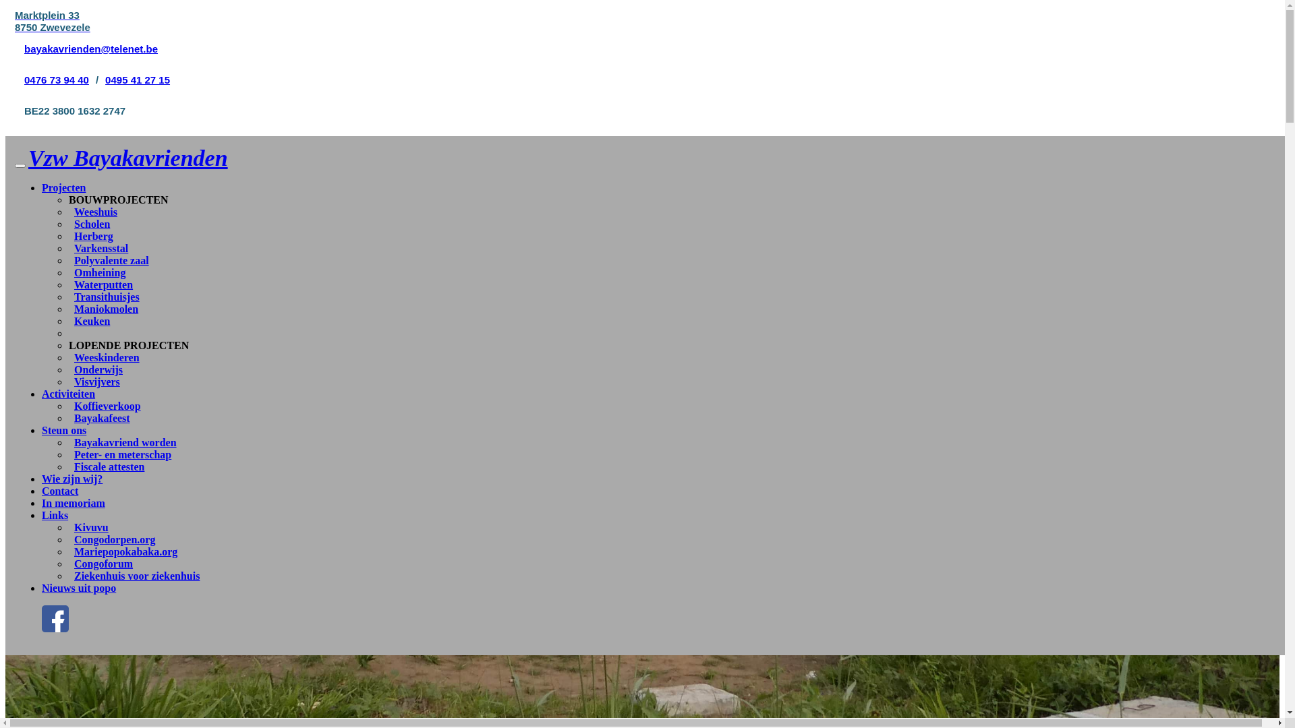  I want to click on 'Fiscale attesten', so click(106, 466).